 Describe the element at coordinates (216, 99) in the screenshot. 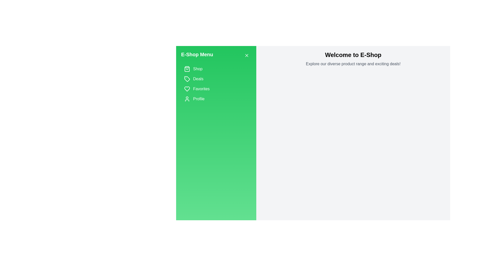

I see `the category Profile from the list` at that location.